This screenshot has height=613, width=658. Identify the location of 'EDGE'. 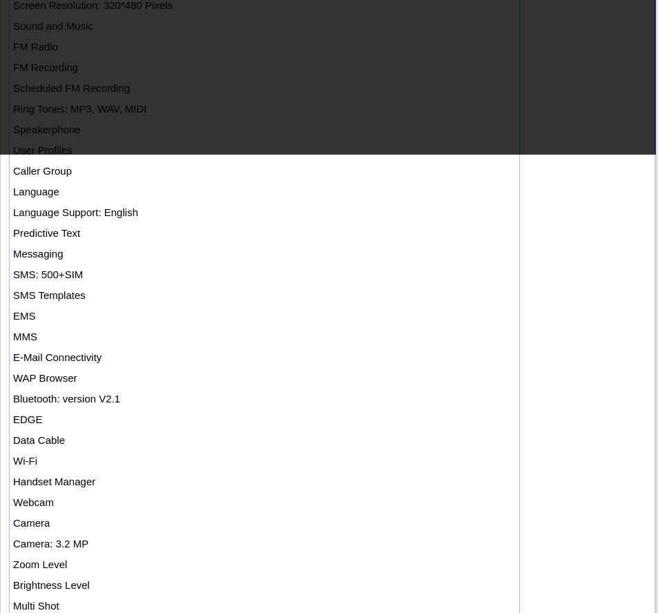
(27, 419).